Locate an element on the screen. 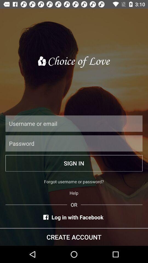 This screenshot has height=263, width=148. icon above the help item is located at coordinates (74, 181).